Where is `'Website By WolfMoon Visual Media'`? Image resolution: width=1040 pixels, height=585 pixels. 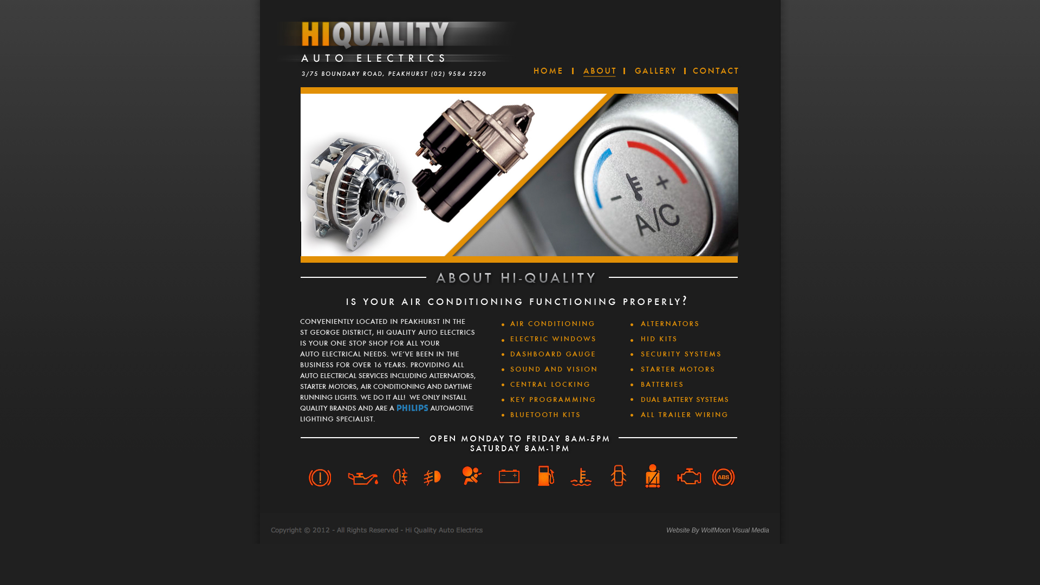 'Website By WolfMoon Visual Media' is located at coordinates (717, 530).